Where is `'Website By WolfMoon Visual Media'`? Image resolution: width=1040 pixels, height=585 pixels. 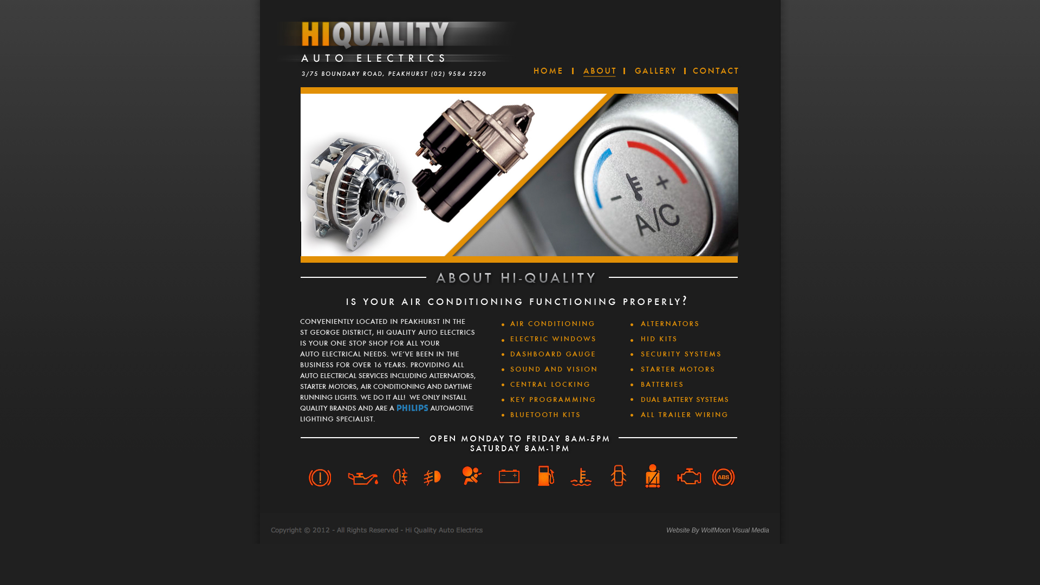 'Website By WolfMoon Visual Media' is located at coordinates (717, 530).